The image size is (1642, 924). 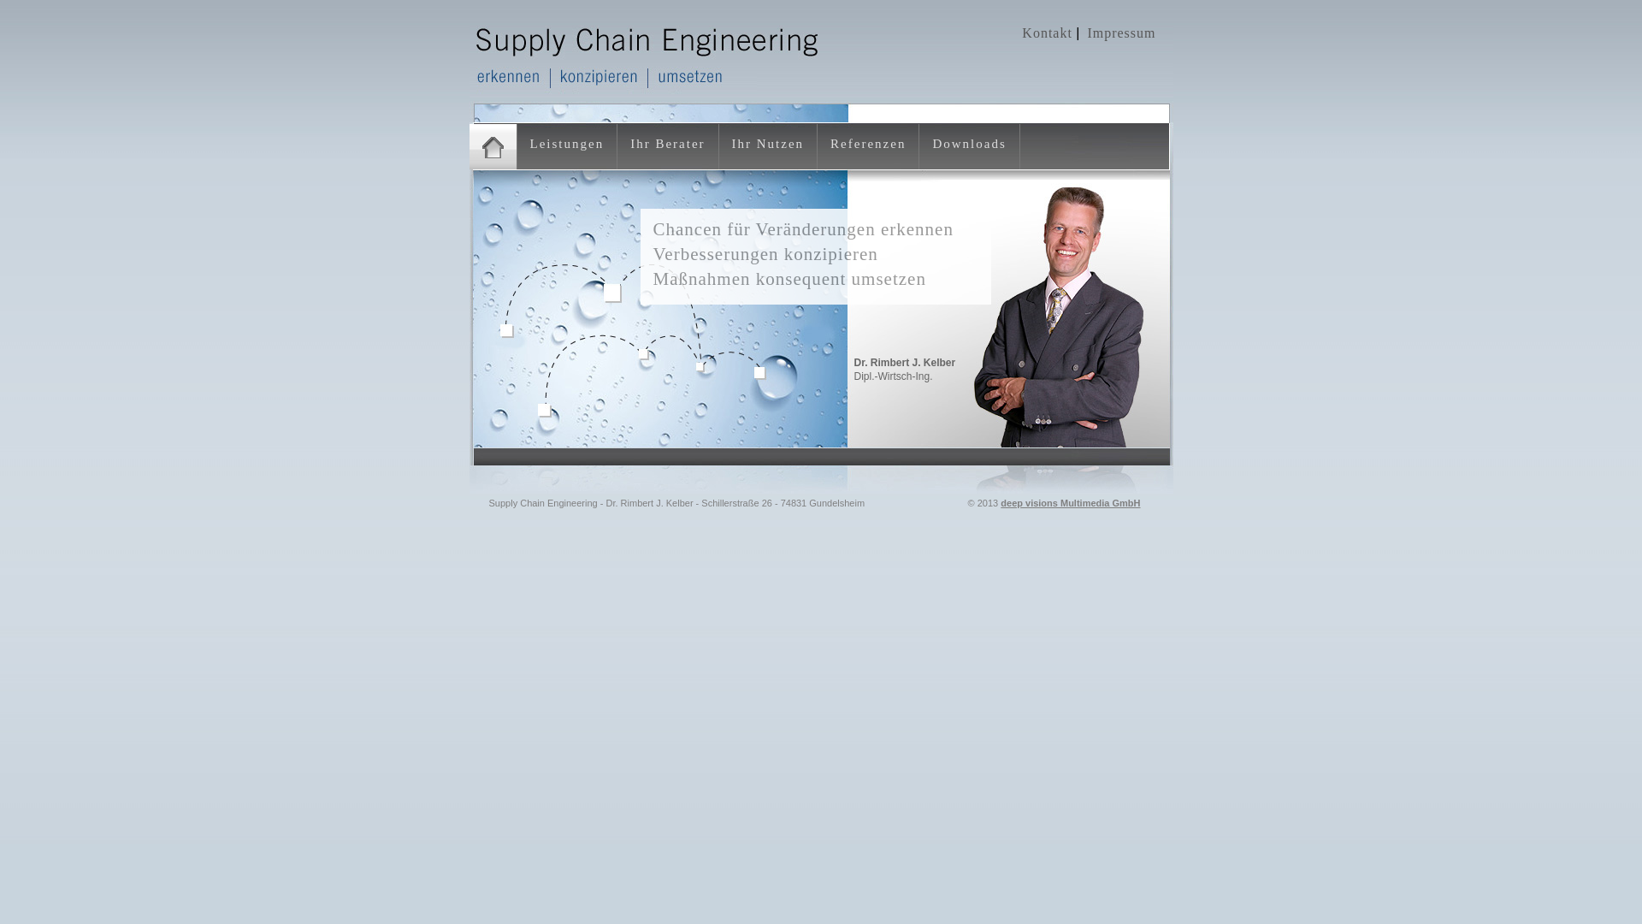 I want to click on 'deep visions Multimedia GmbH', so click(x=1069, y=501).